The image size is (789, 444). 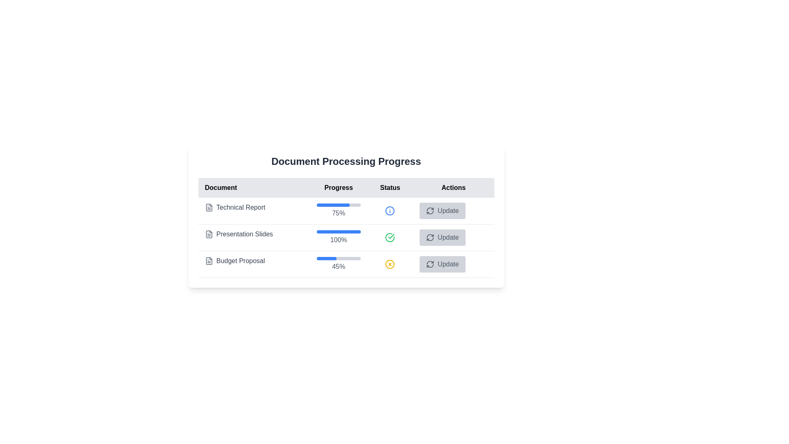 I want to click on text label that displays 'Budget Proposal' in dark gray font, positioned as the third title under 'Document Processing Progress.', so click(x=240, y=261).